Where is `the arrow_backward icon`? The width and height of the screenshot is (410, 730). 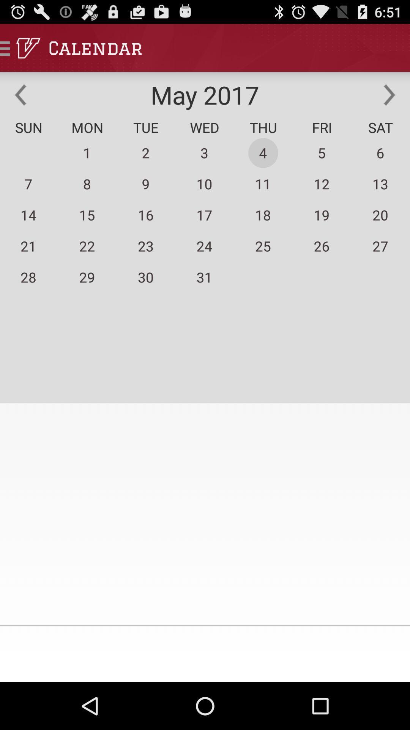
the arrow_backward icon is located at coordinates (20, 101).